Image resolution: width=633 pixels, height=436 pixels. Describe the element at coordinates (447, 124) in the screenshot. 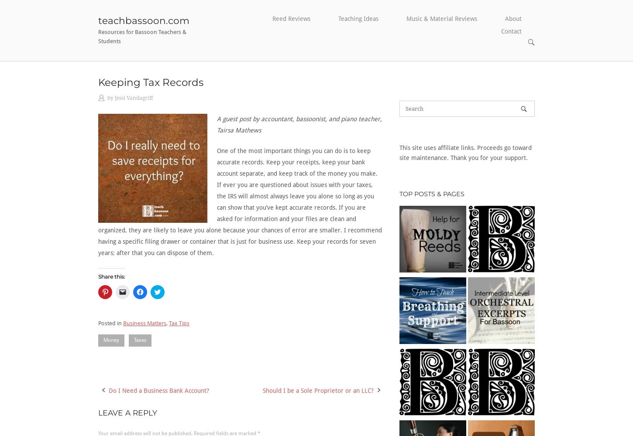

I see `'Recital Ideas'` at that location.